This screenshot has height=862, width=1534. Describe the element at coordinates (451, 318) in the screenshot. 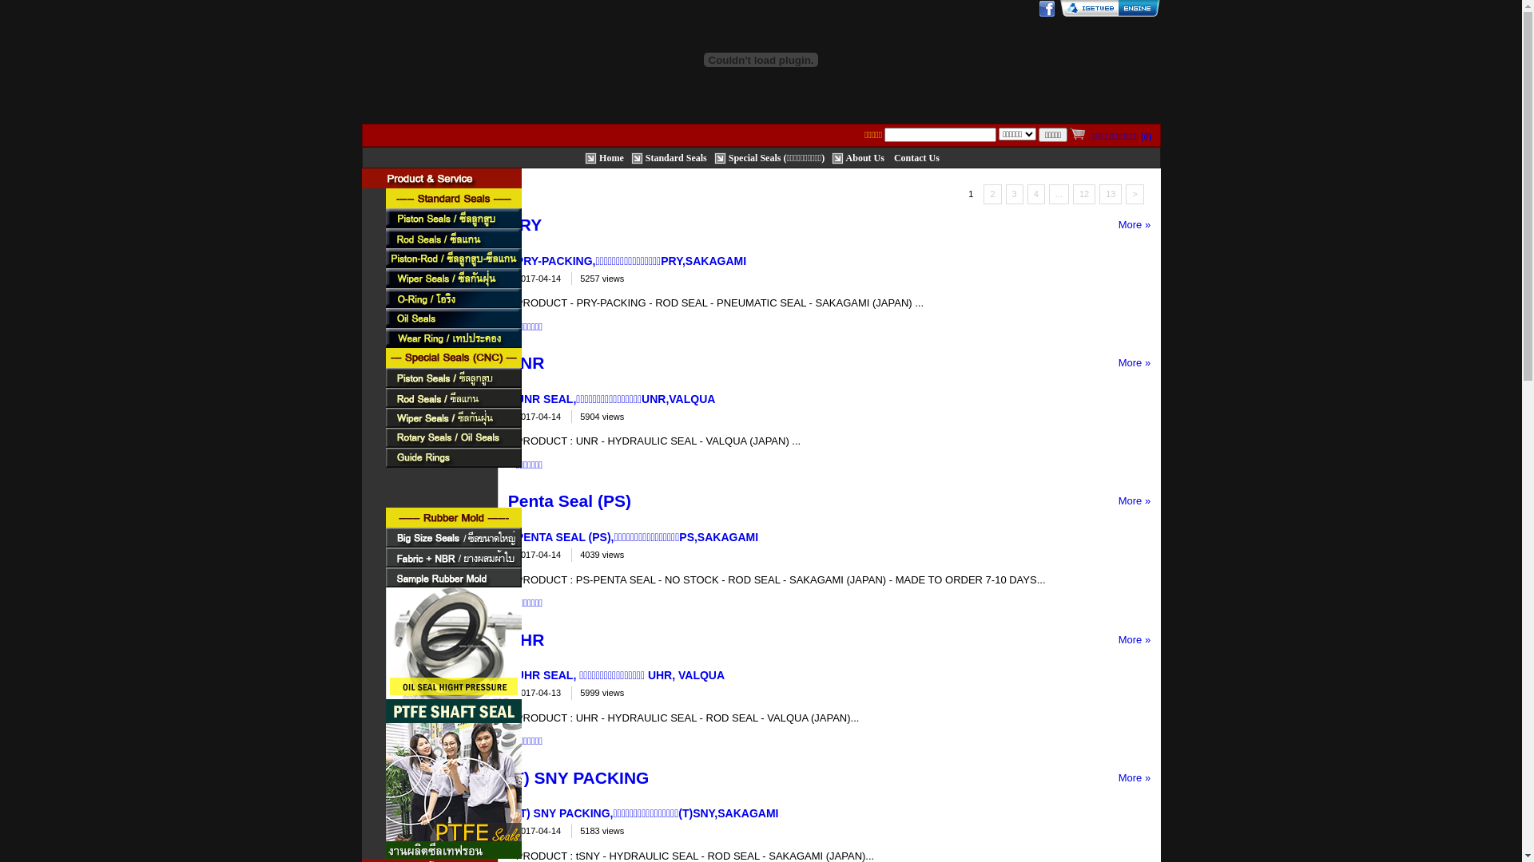

I see `'Oil Seal'` at that location.